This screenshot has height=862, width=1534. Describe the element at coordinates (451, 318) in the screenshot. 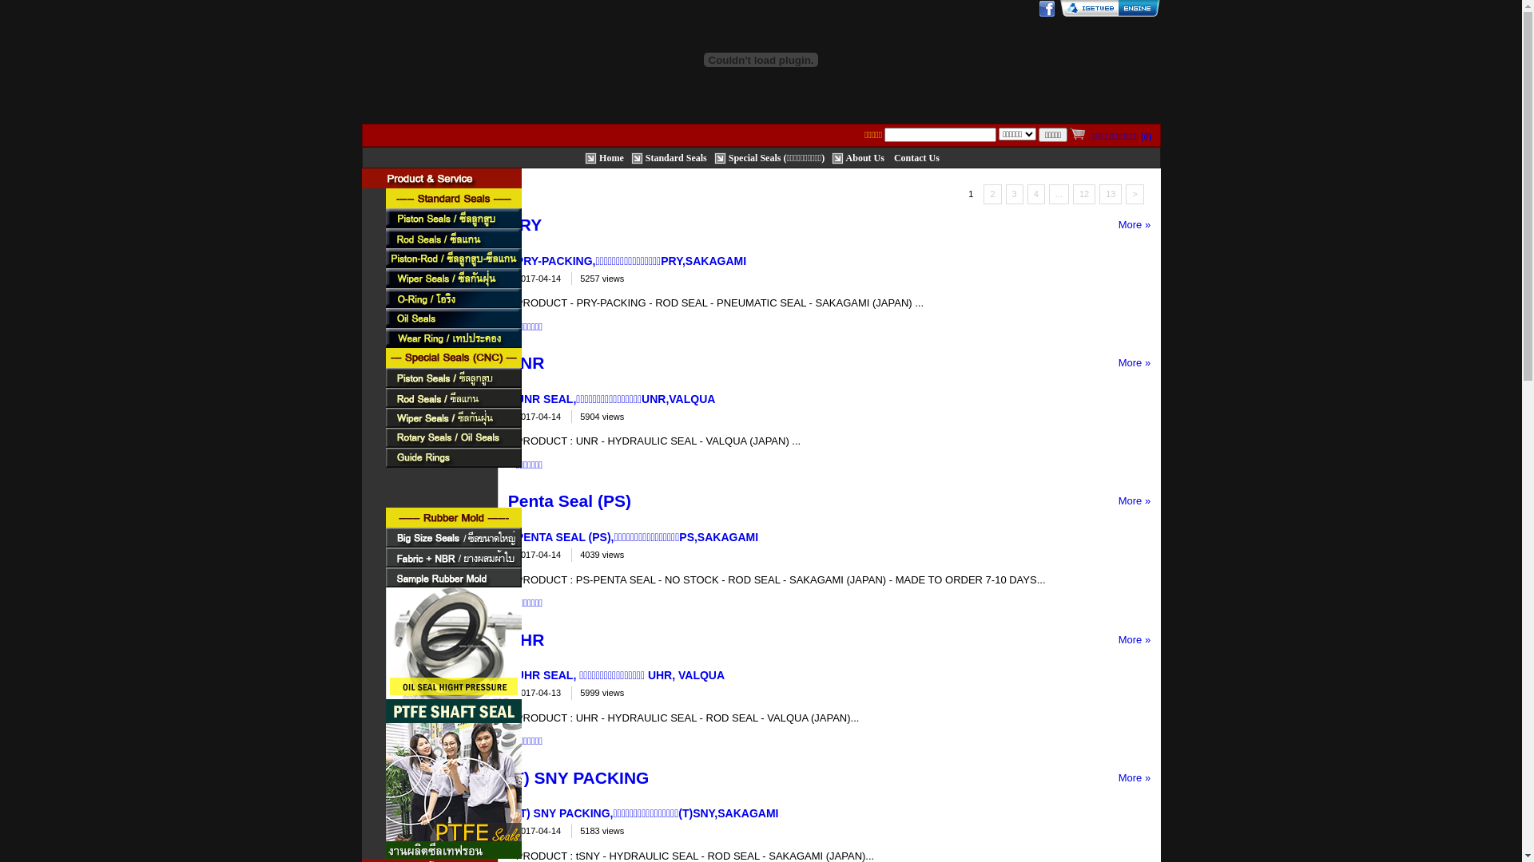

I see `'Oil Seal'` at that location.